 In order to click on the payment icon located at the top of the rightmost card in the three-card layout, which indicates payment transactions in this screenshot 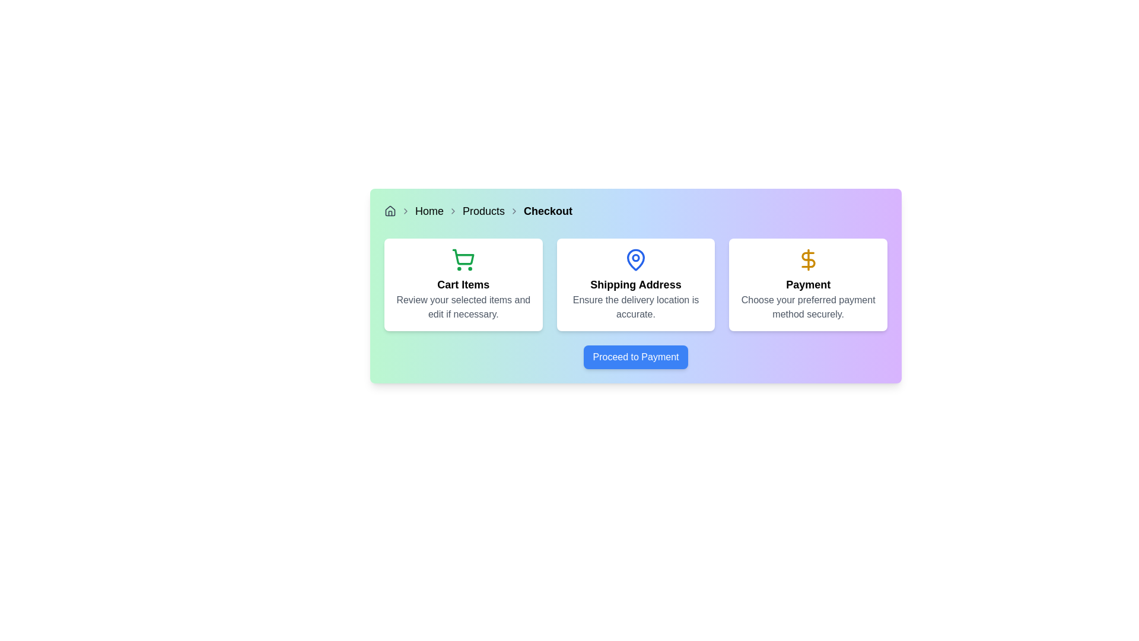, I will do `click(807, 259)`.